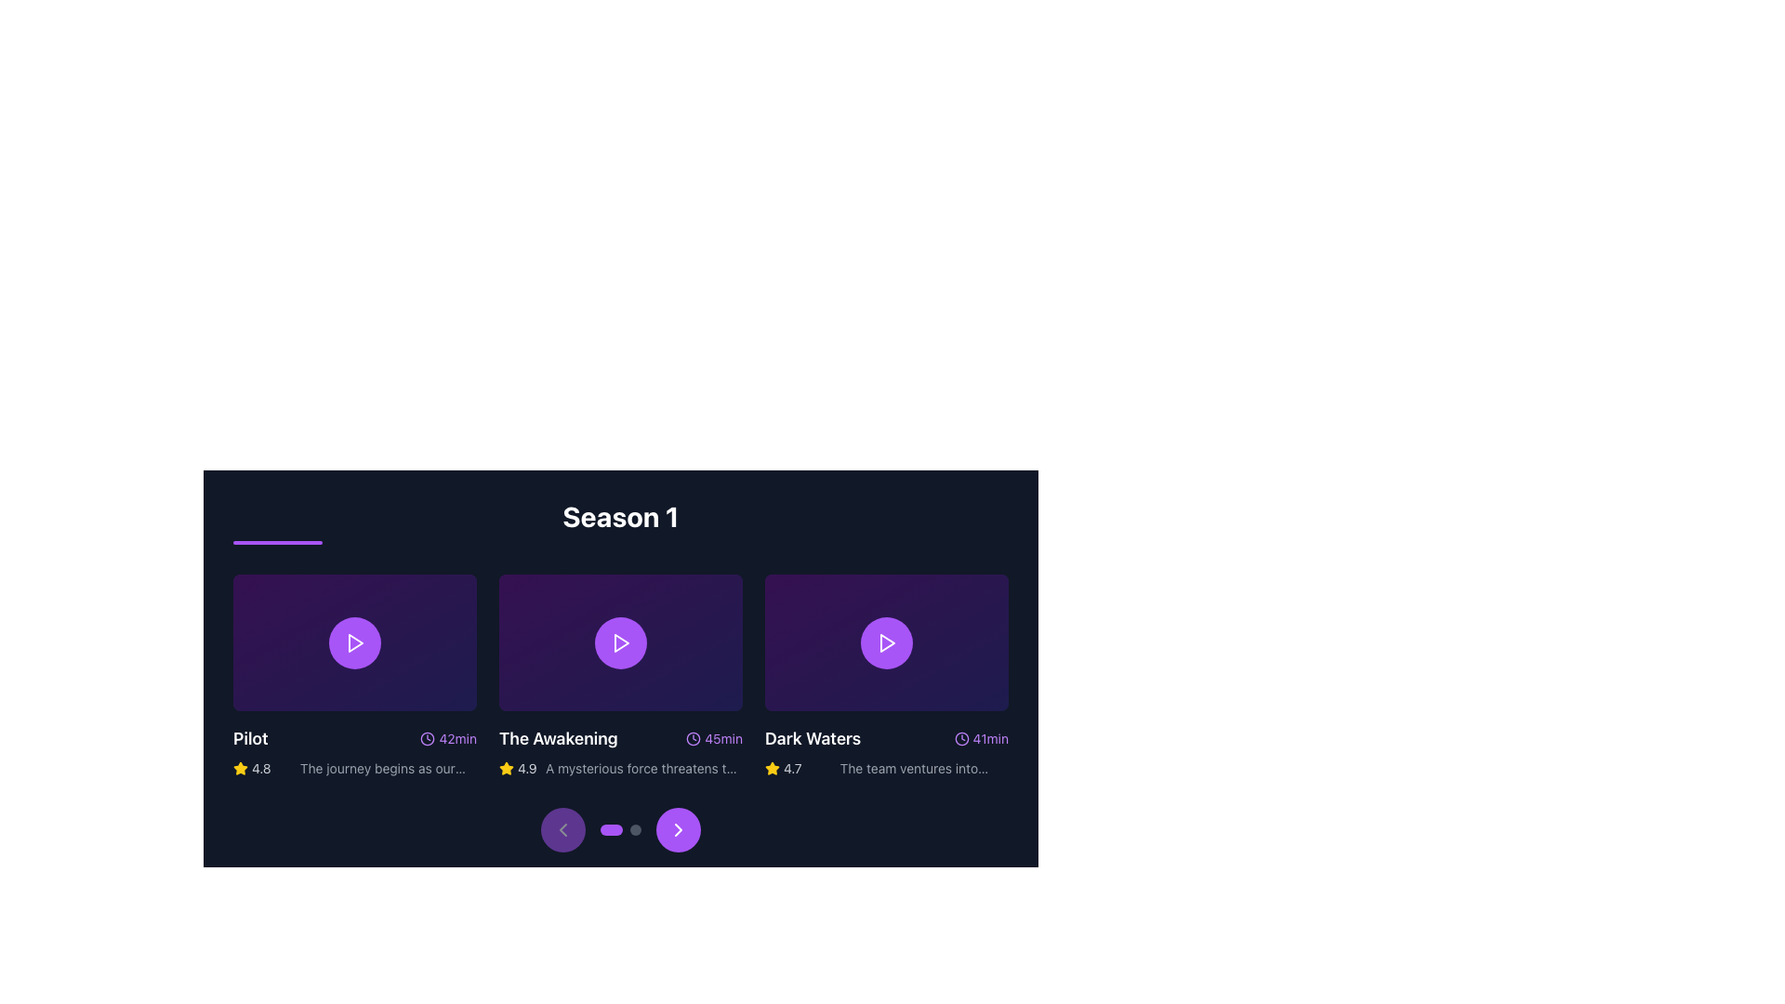 The height and width of the screenshot is (1004, 1785). Describe the element at coordinates (886, 641) in the screenshot. I see `the circular purple play button icon at the center of the video thumbnail, which is the third in a horizontal list under the 'Season 1' heading` at that location.